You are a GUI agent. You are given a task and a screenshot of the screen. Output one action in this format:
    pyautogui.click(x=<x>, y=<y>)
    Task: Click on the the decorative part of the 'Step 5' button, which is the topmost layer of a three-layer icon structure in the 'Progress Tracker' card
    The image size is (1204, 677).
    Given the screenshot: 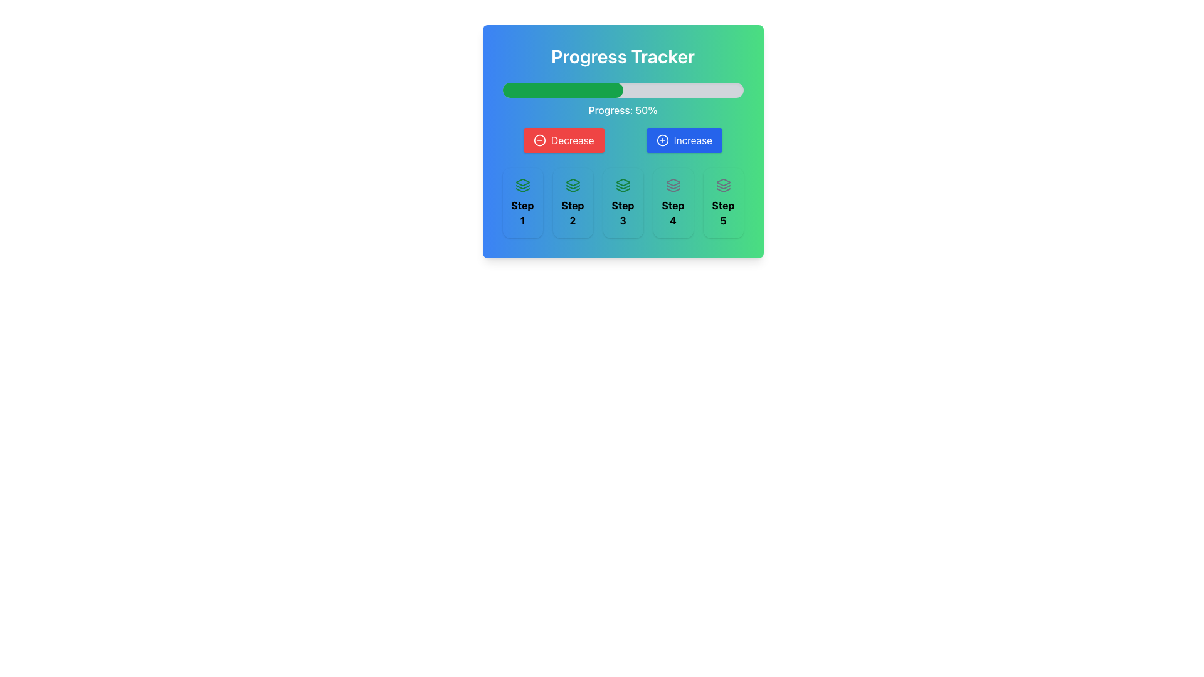 What is the action you would take?
    pyautogui.click(x=723, y=182)
    